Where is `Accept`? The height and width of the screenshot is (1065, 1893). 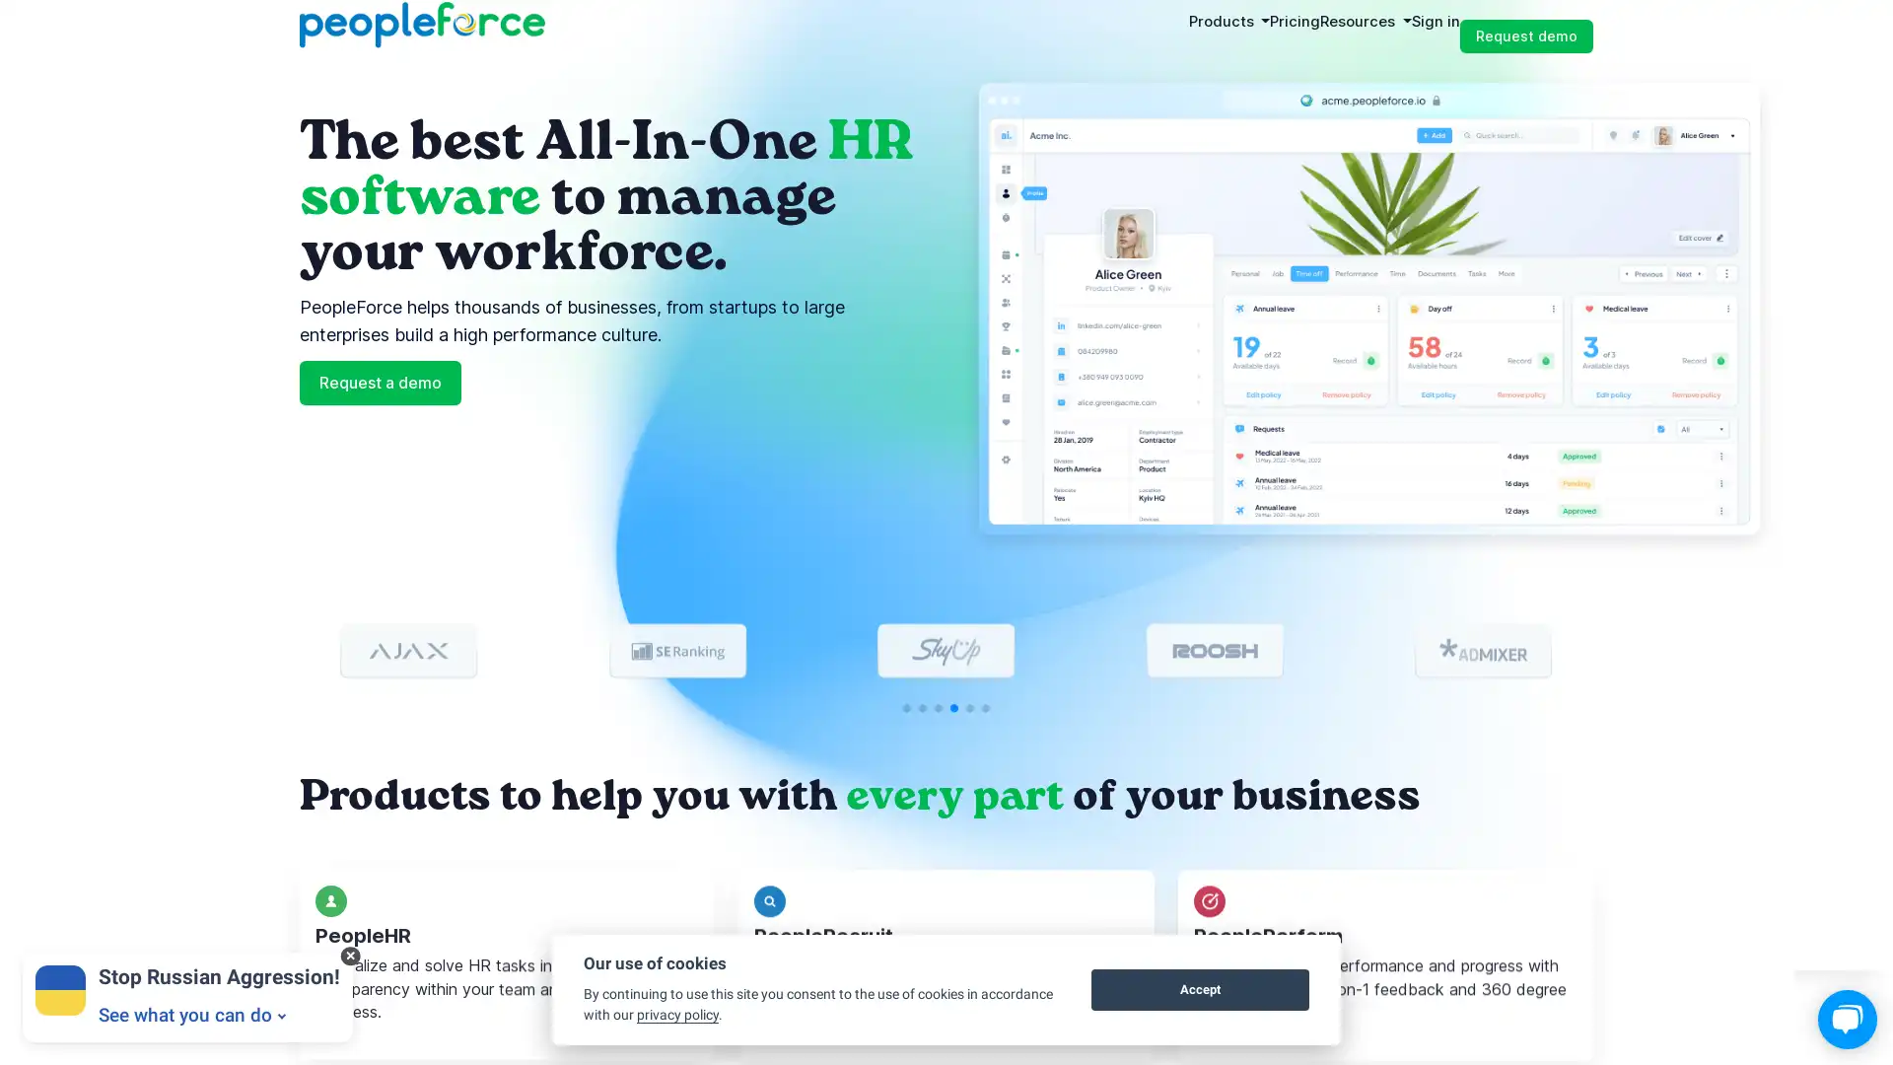
Accept is located at coordinates (1199, 989).